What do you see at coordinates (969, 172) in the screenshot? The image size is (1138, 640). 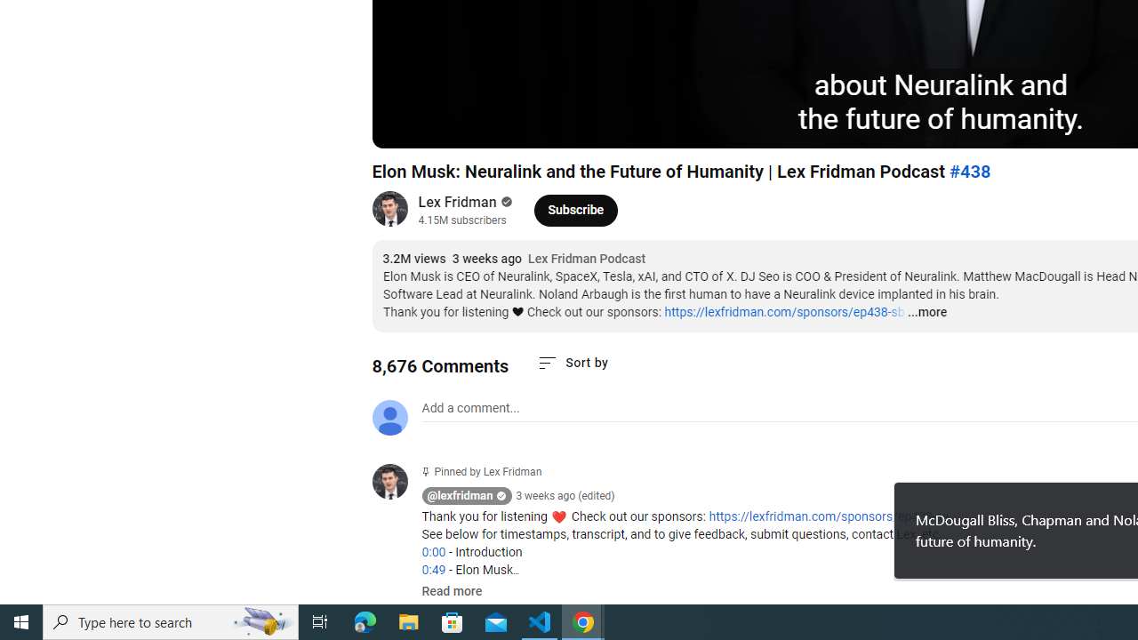 I see `'#438'` at bounding box center [969, 172].